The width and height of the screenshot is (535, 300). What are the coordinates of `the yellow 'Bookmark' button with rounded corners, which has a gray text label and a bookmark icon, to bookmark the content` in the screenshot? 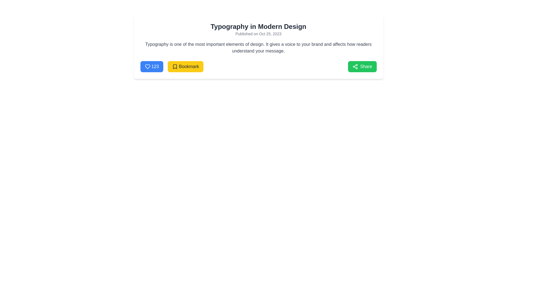 It's located at (186, 66).